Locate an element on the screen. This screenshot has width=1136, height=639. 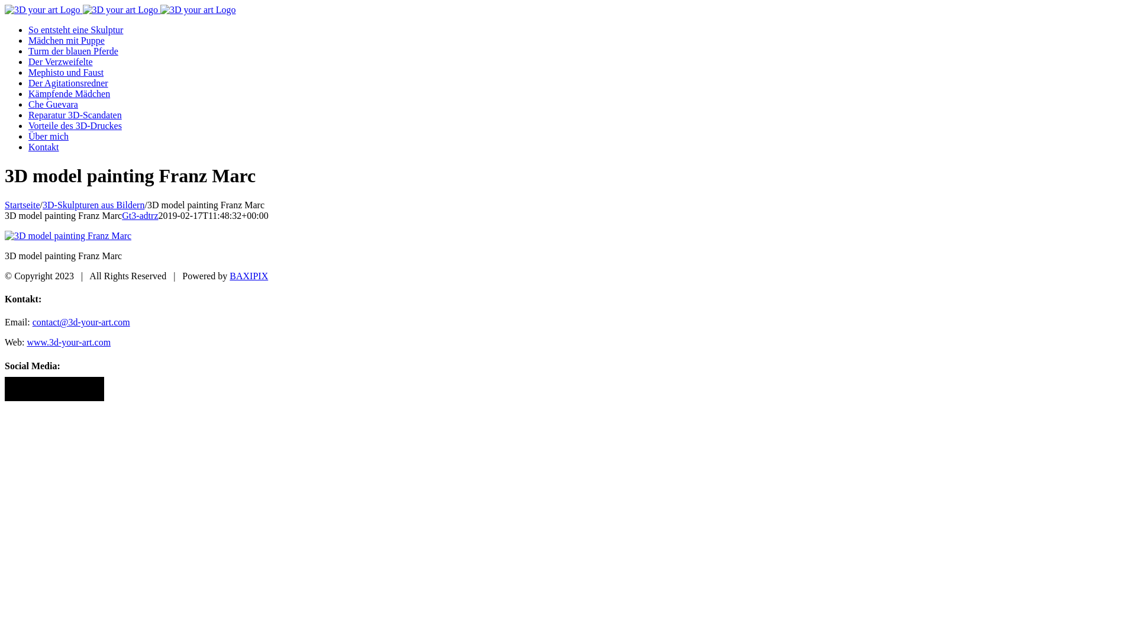
'Der Agitationsredner' is located at coordinates (67, 82).